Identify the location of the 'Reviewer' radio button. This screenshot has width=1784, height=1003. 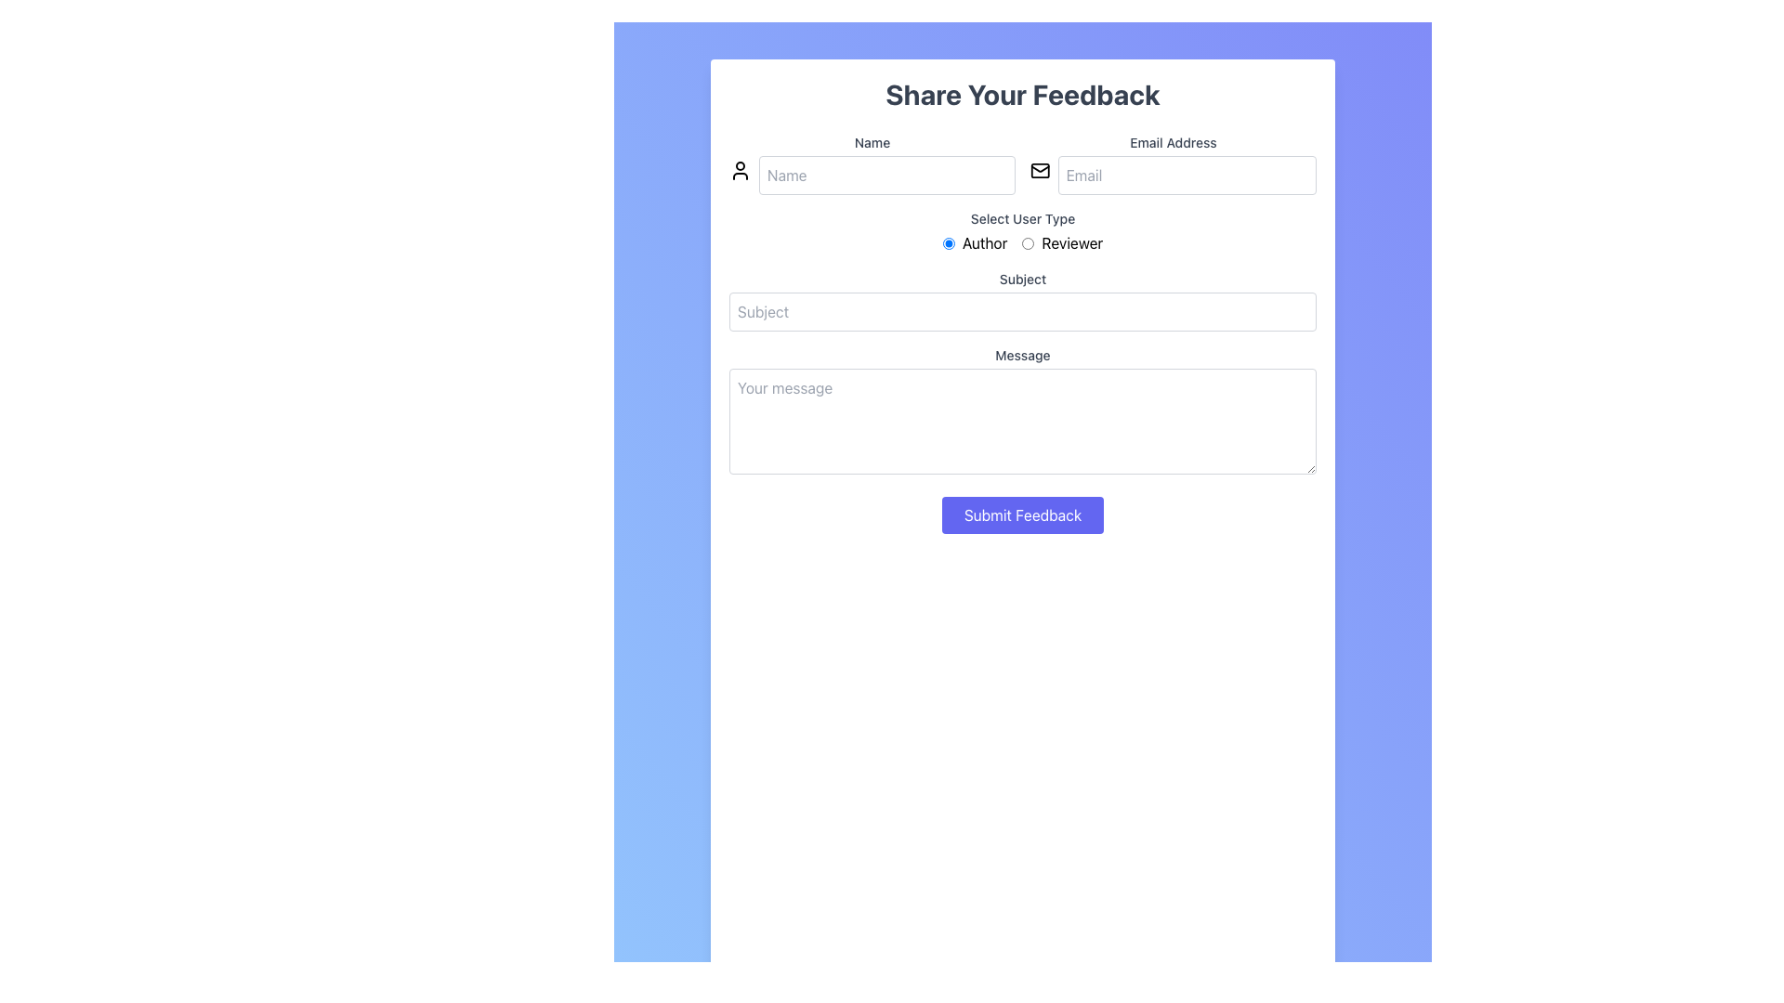
(1062, 242).